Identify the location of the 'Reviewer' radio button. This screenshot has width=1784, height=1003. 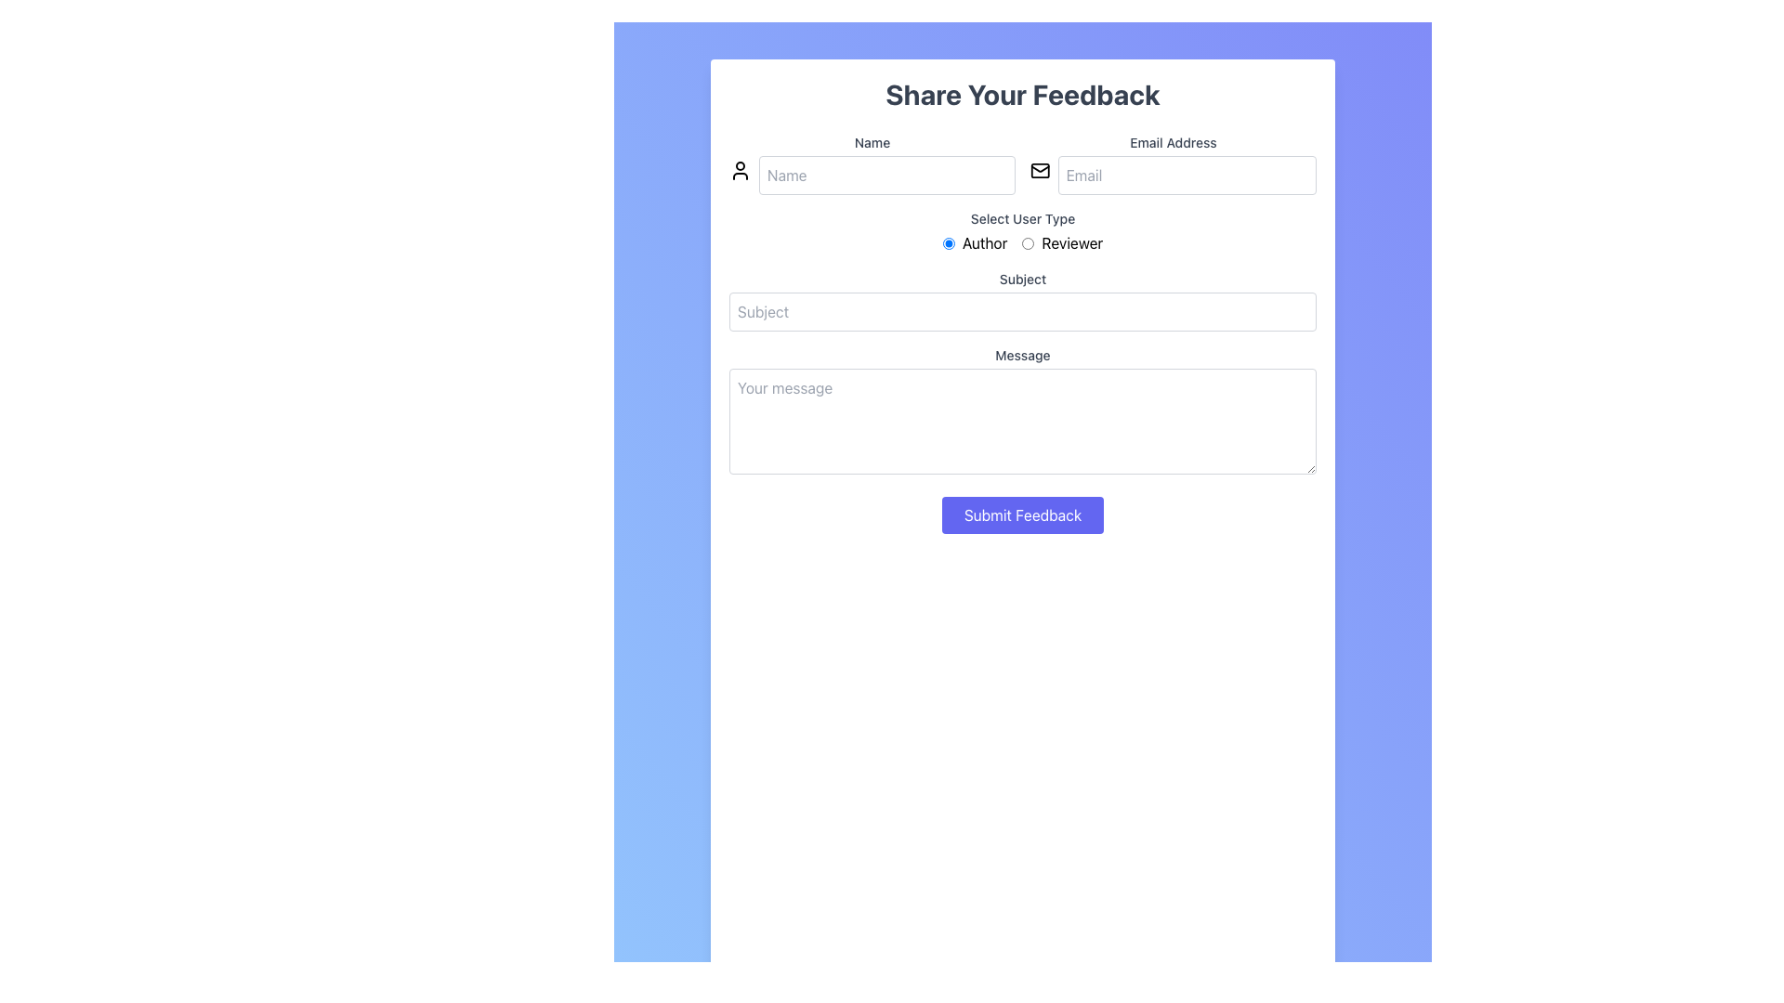
(1062, 242).